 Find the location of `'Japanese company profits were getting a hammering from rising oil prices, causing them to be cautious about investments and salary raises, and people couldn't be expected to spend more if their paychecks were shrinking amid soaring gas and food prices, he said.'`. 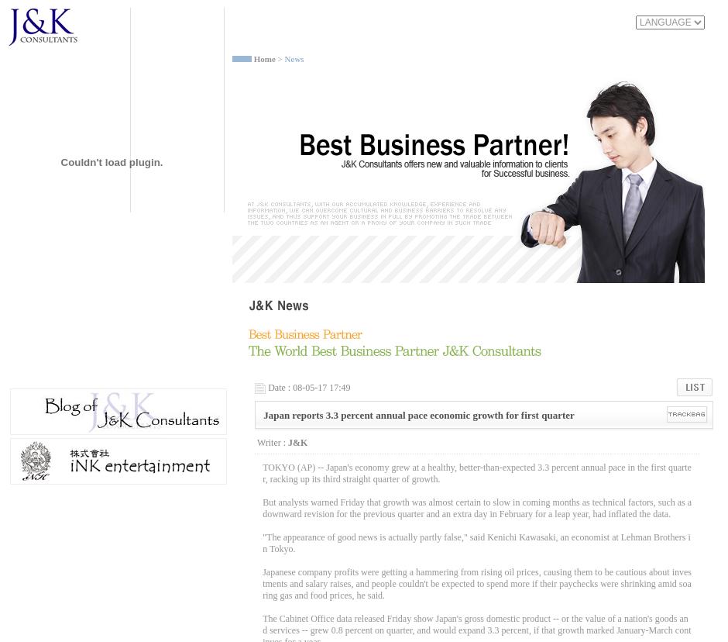

'Japanese company profits were getting a hammering from rising oil prices, causing them to be cautious about investments and salary raises, and people couldn't be expected to spend more if their paychecks were shrinking amid soaring gas and food prices, he said.' is located at coordinates (476, 582).